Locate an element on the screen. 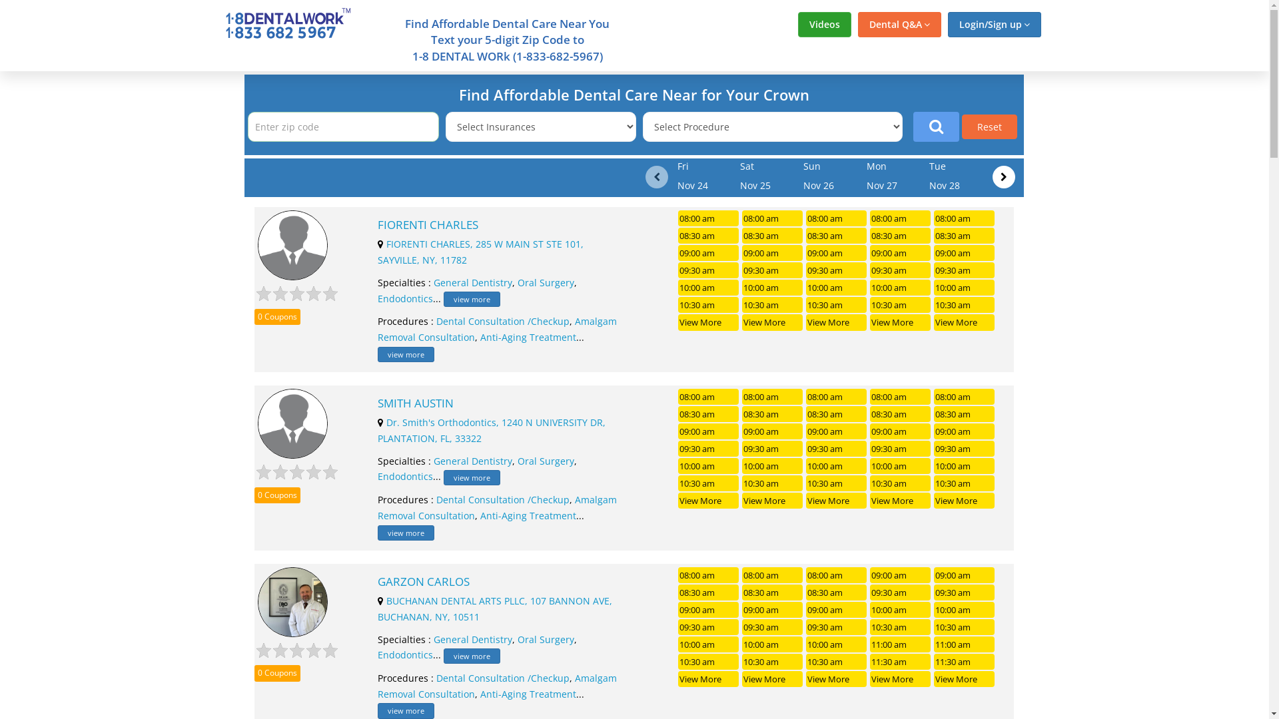 The image size is (1279, 719). '08:00 am' is located at coordinates (741, 217).